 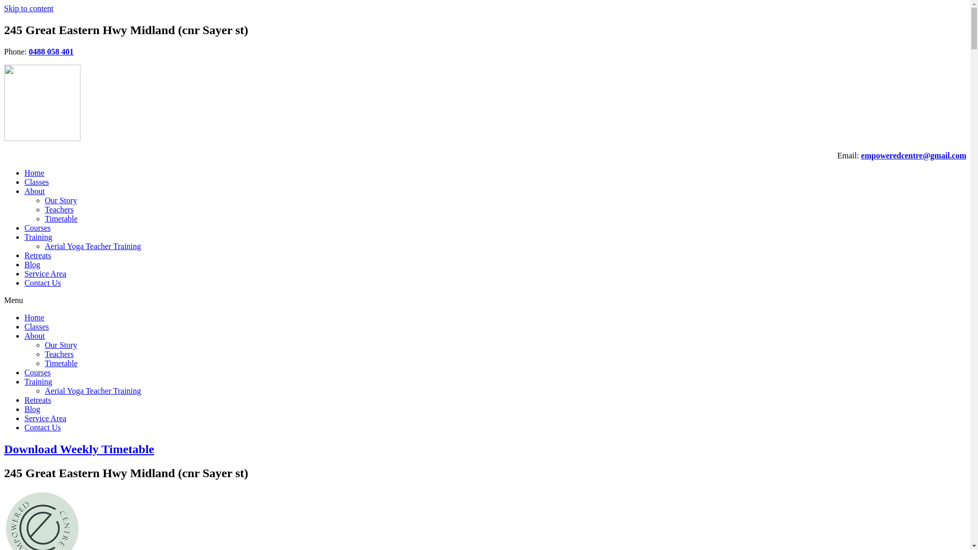 I want to click on 'Classes', so click(x=37, y=181).